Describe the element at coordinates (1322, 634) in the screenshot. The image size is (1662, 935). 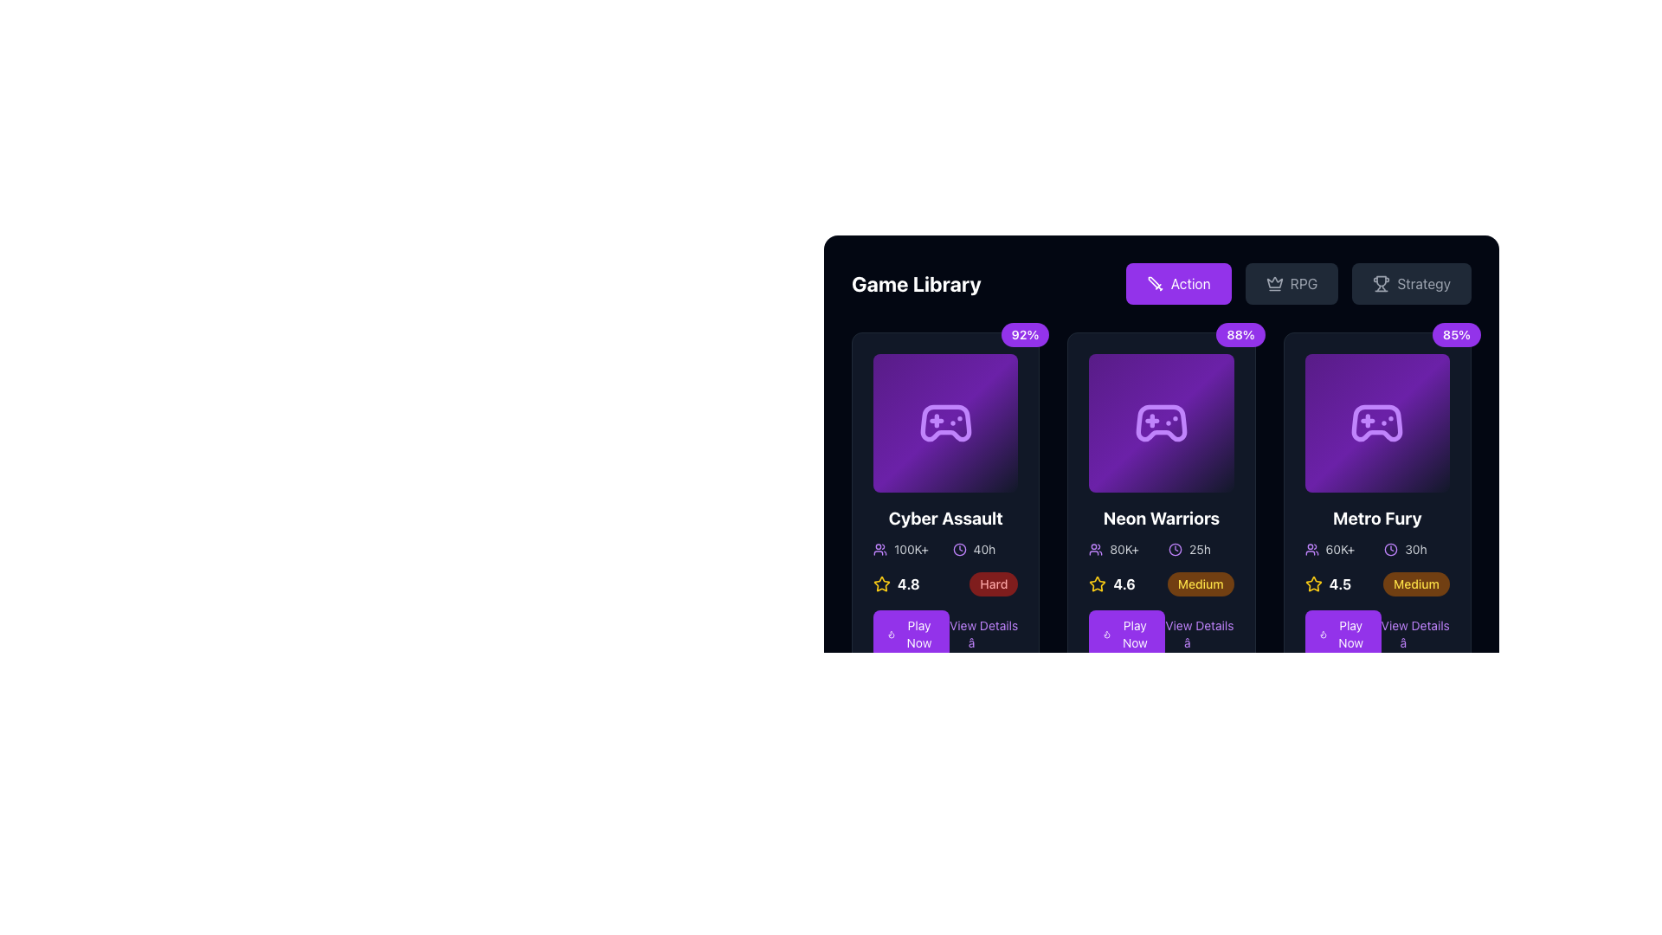
I see `the icon located on the left side of the 'Play Now' button for the game 'Metro Fury', which enhances the button's functionality` at that location.